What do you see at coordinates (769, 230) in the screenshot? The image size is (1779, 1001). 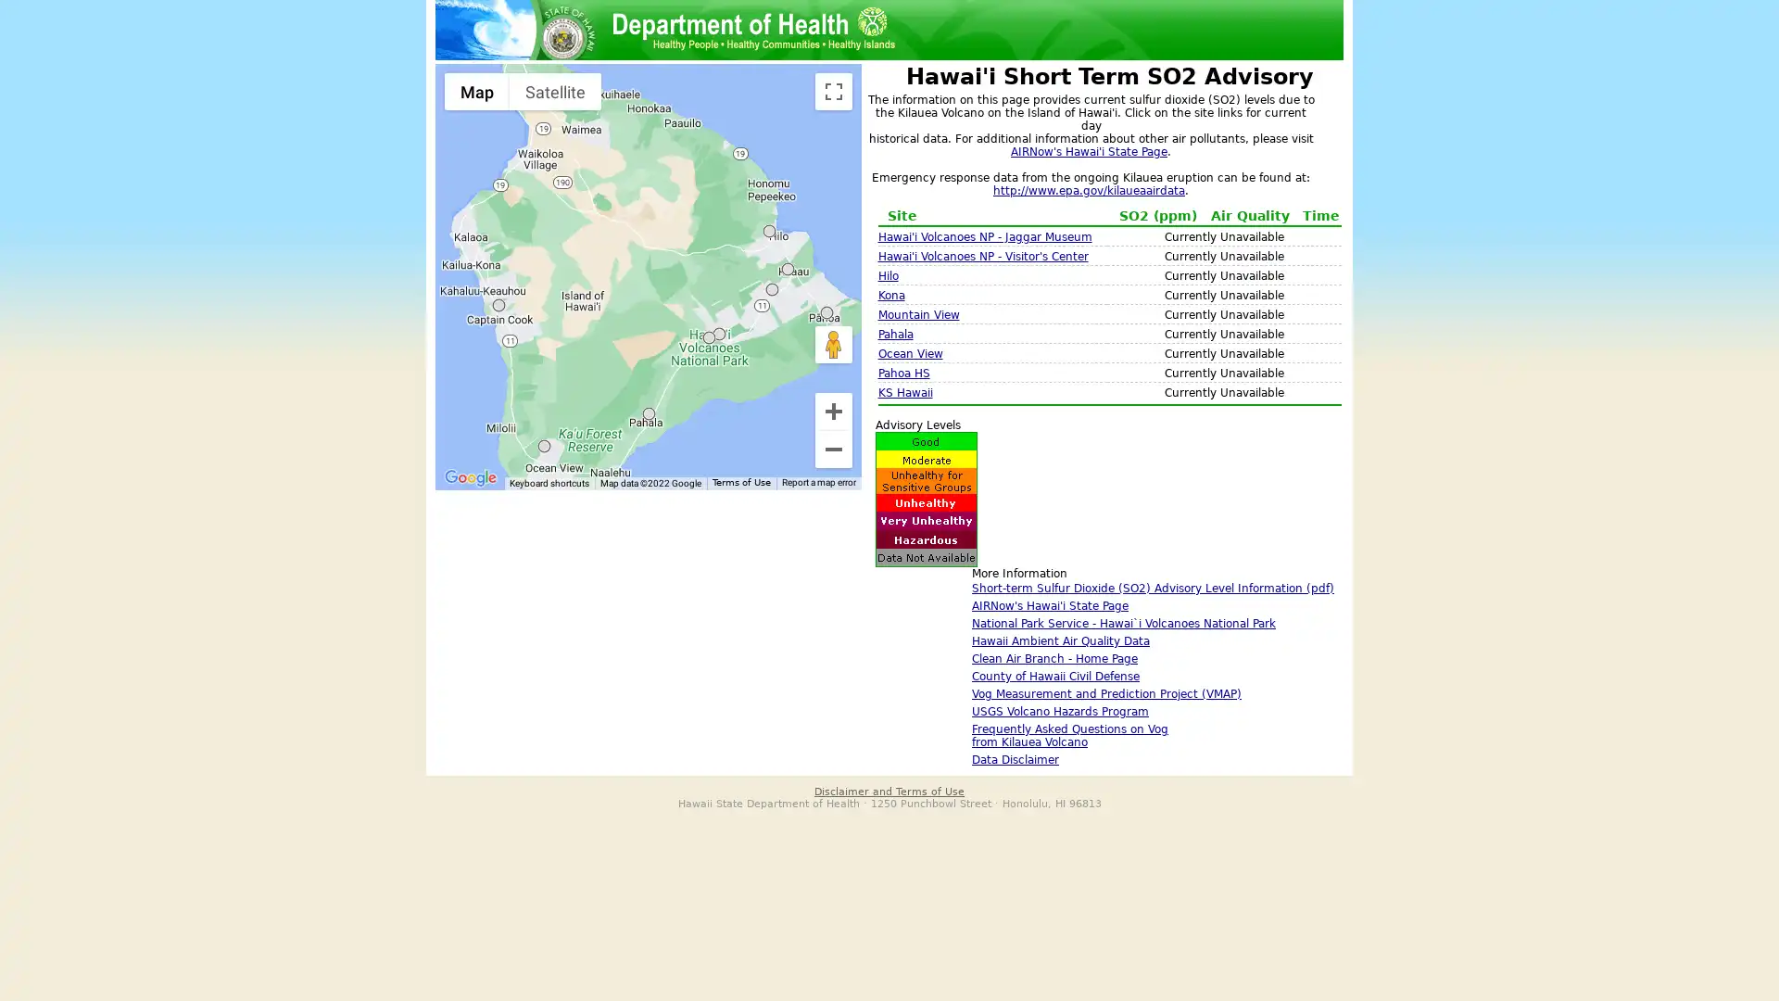 I see `Hilo: No Data` at bounding box center [769, 230].